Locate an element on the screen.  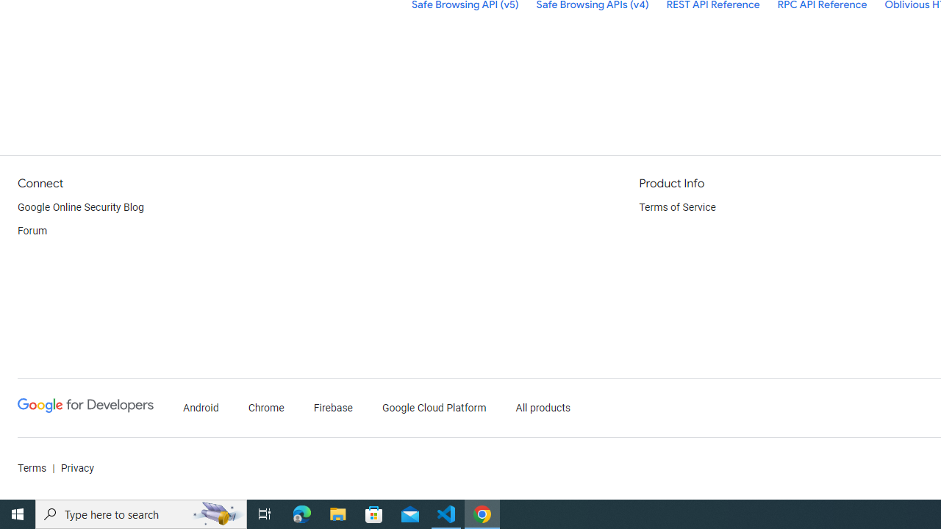
'Forum' is located at coordinates (32, 231).